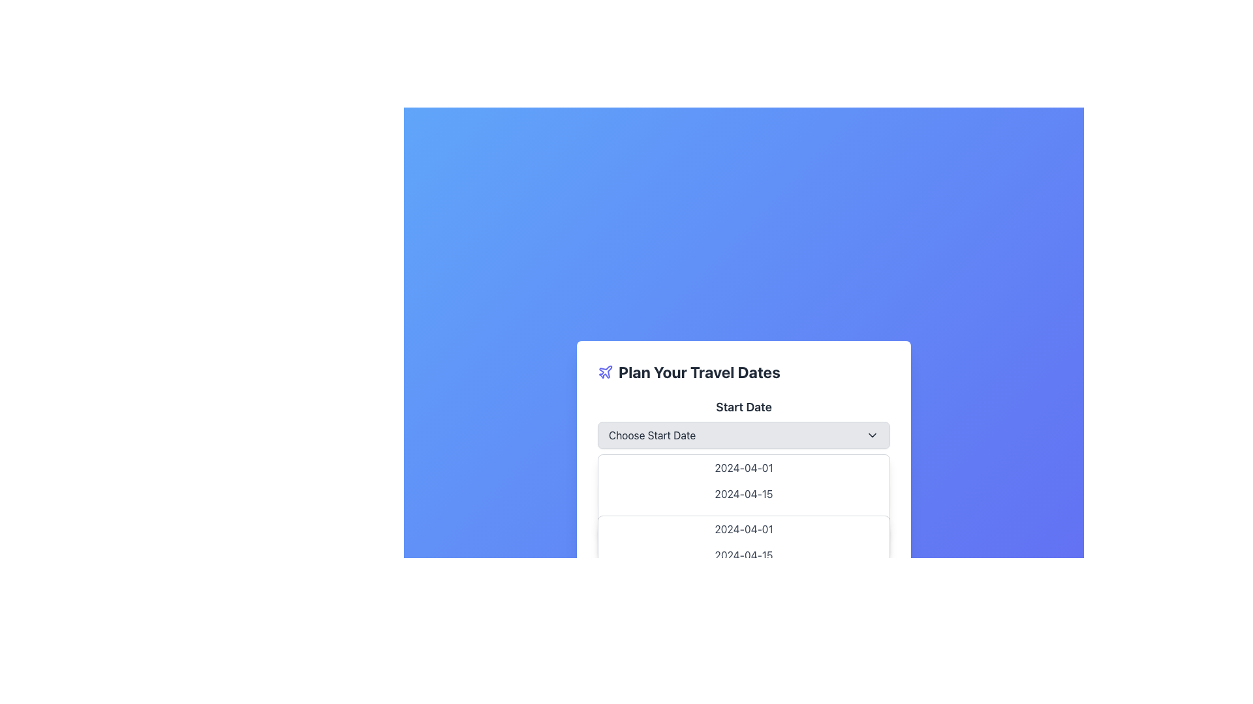 This screenshot has height=704, width=1253. Describe the element at coordinates (744, 555) in the screenshot. I see `a row in the dropdown menu labeled 'Choose Start Date'` at that location.